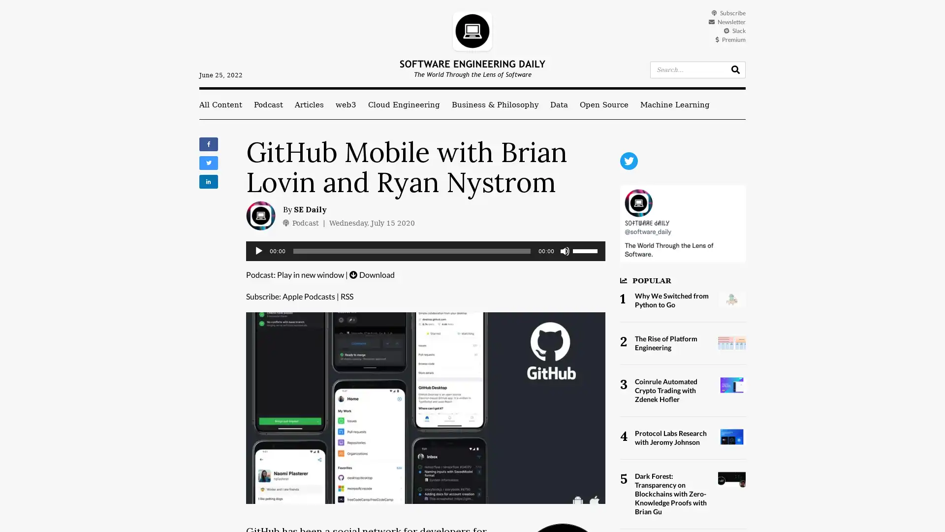  I want to click on Mute, so click(565, 250).